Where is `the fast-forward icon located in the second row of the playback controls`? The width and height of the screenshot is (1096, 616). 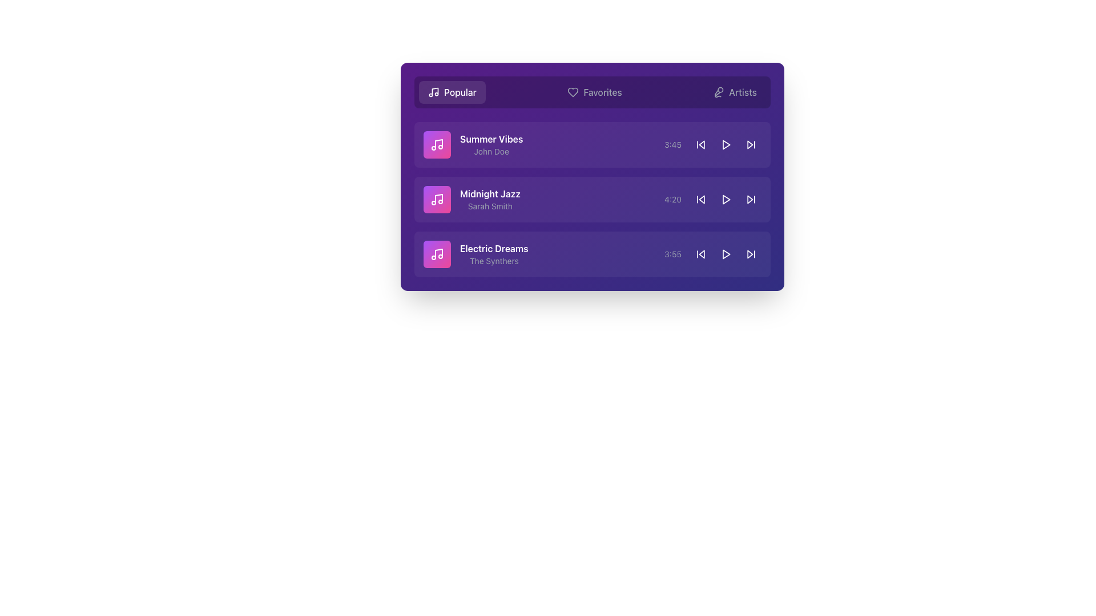
the fast-forward icon located in the second row of the playback controls is located at coordinates (750, 199).